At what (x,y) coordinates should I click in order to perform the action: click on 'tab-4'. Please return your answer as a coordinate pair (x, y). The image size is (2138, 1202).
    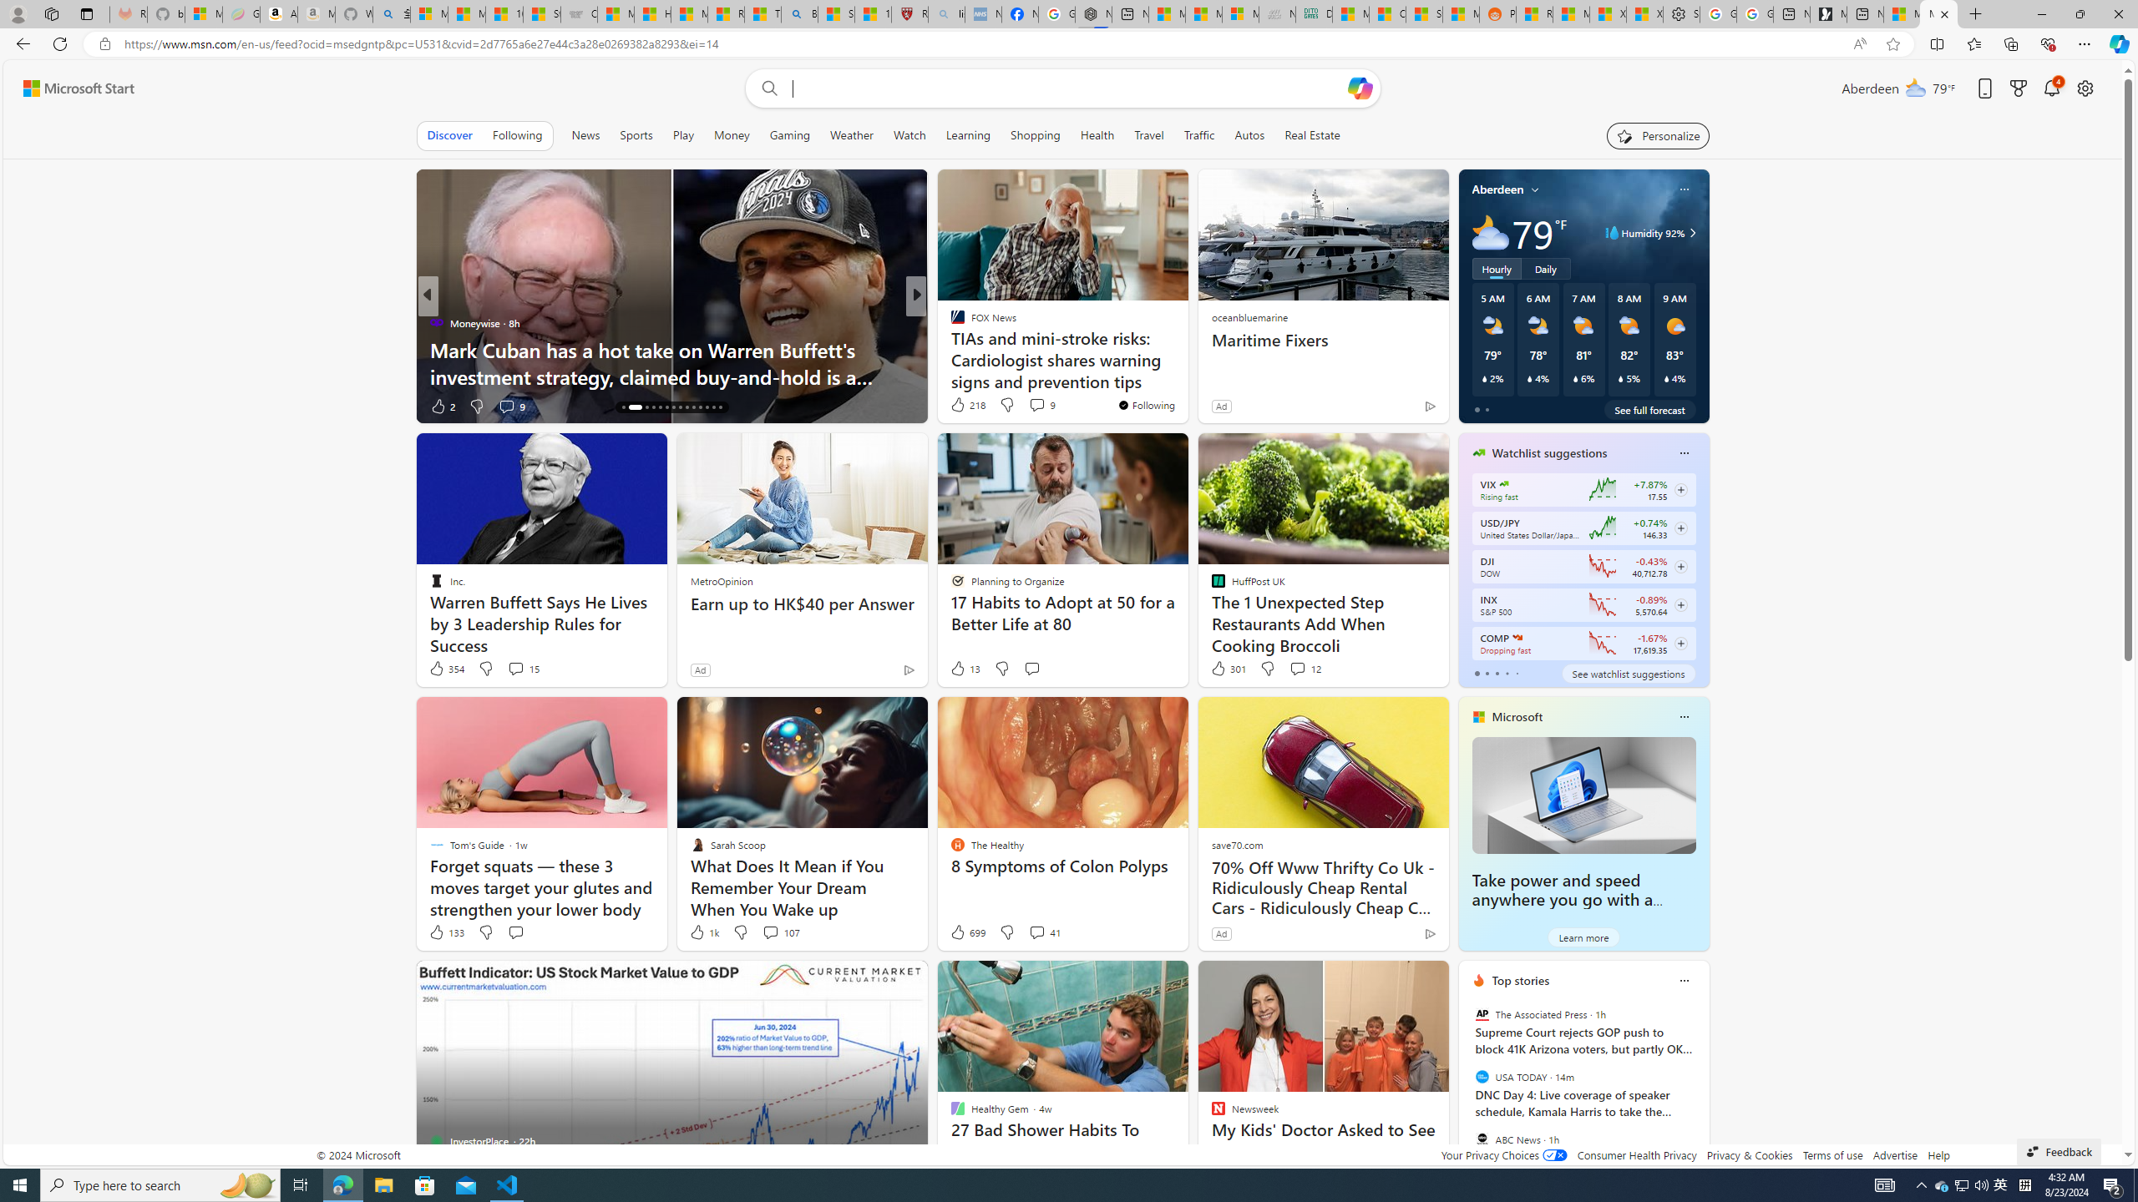
    Looking at the image, I should click on (1516, 674).